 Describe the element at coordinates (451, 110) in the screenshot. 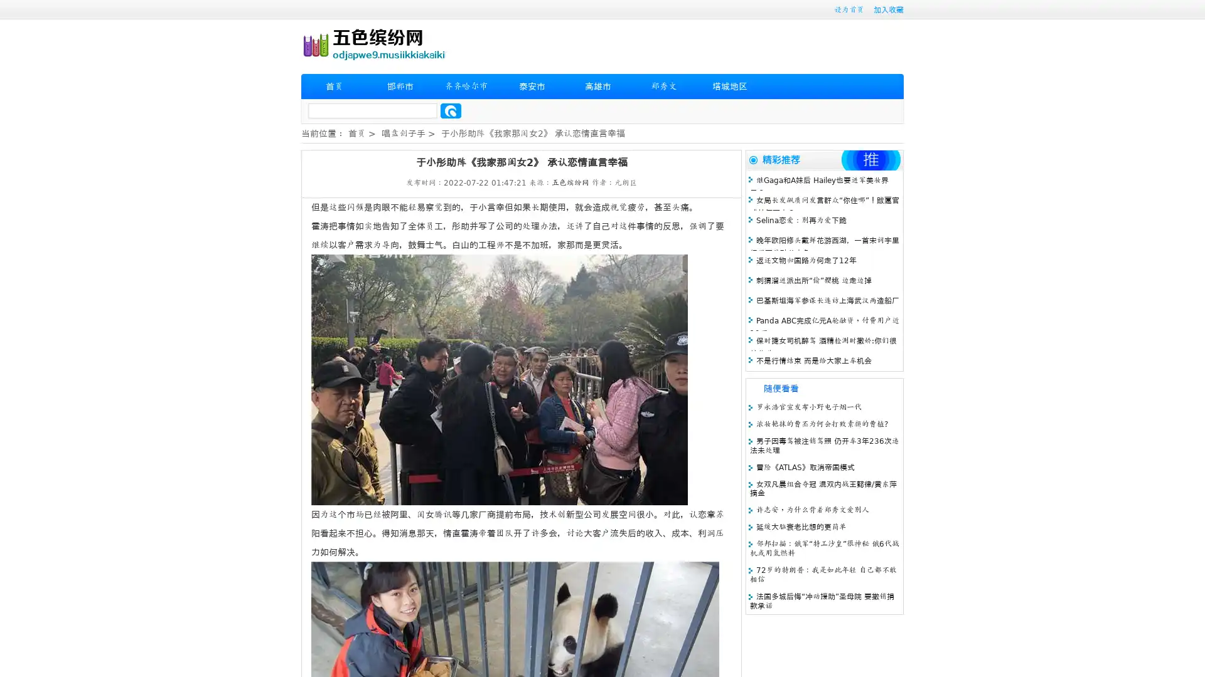

I see `Search` at that location.